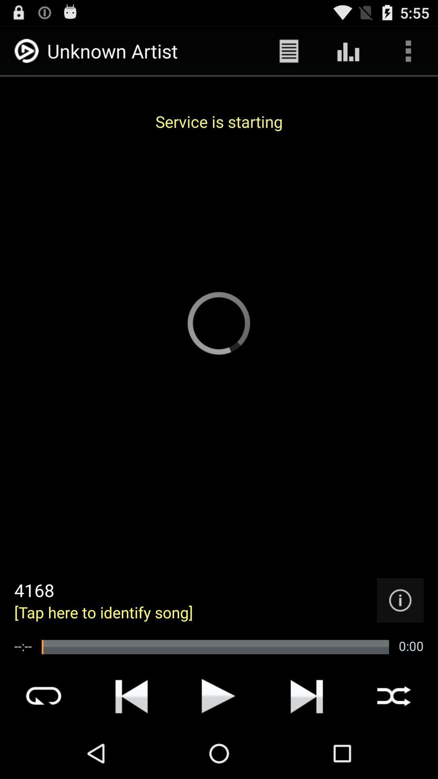 The image size is (438, 779). What do you see at coordinates (218, 695) in the screenshot?
I see `option` at bounding box center [218, 695].